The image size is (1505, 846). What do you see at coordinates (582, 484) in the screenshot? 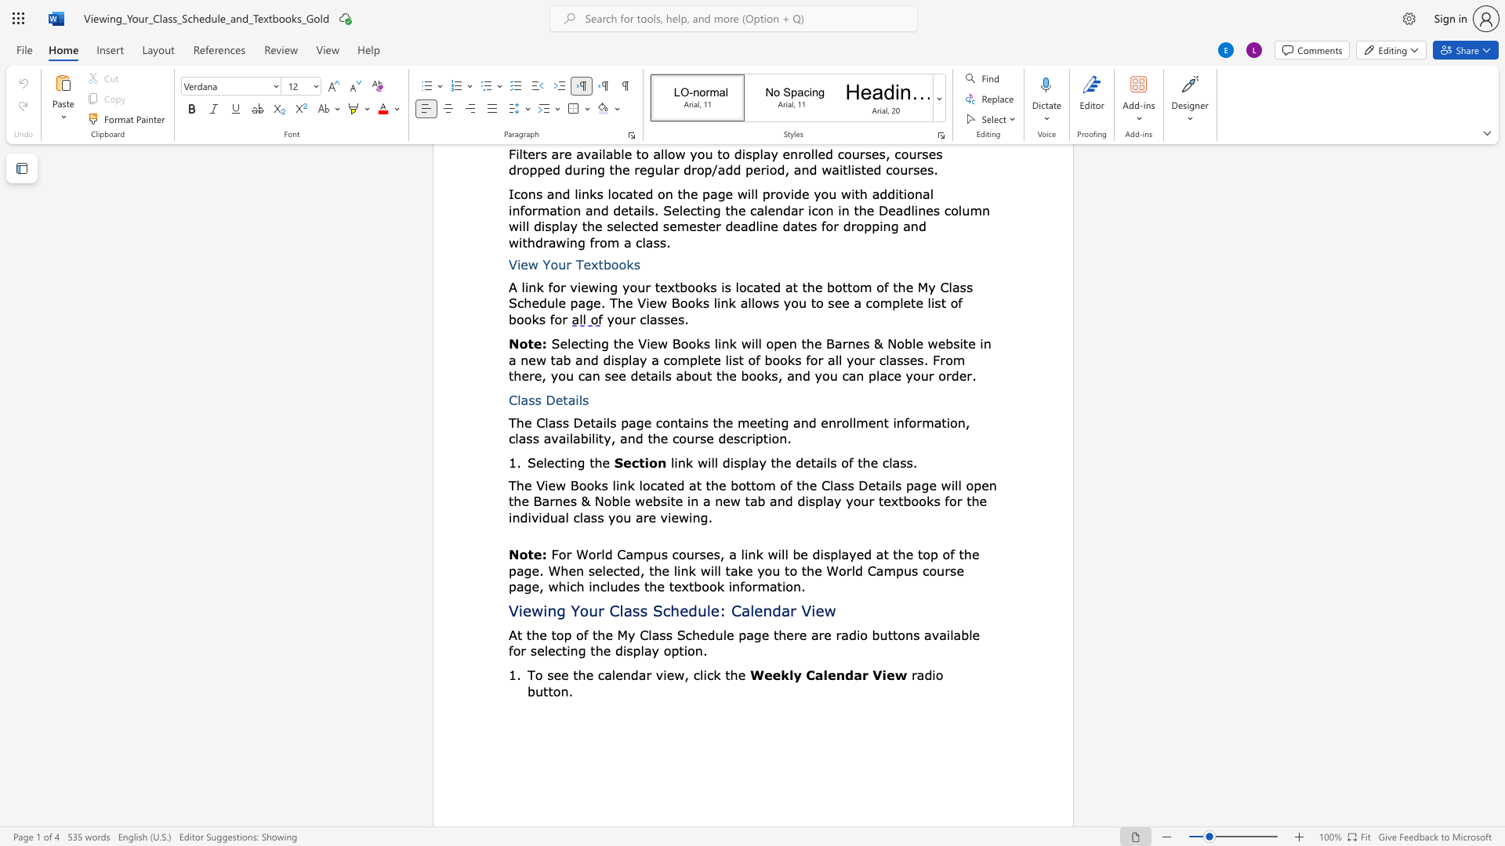
I see `the 1th character "o" in the text` at bounding box center [582, 484].